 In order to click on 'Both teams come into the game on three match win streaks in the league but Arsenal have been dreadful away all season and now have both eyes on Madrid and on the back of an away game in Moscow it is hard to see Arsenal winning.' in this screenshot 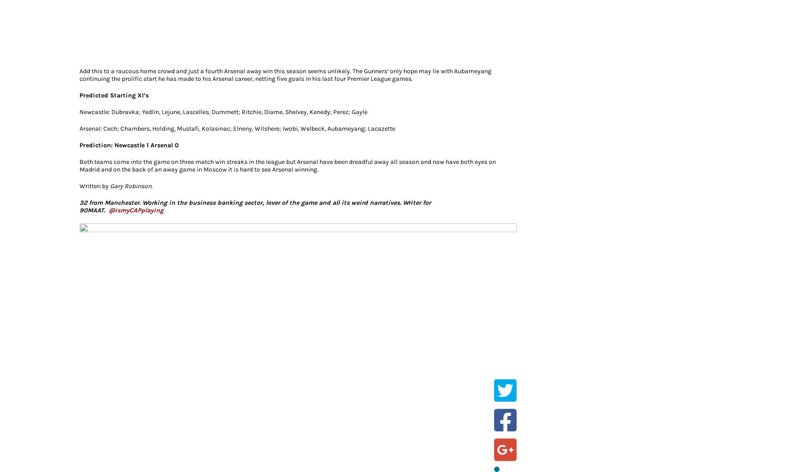, I will do `click(80, 164)`.